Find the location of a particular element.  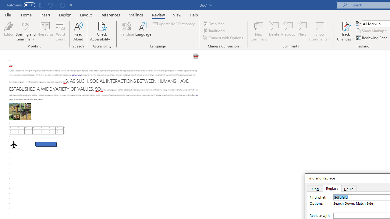

'Track Changes' is located at coordinates (346, 26).